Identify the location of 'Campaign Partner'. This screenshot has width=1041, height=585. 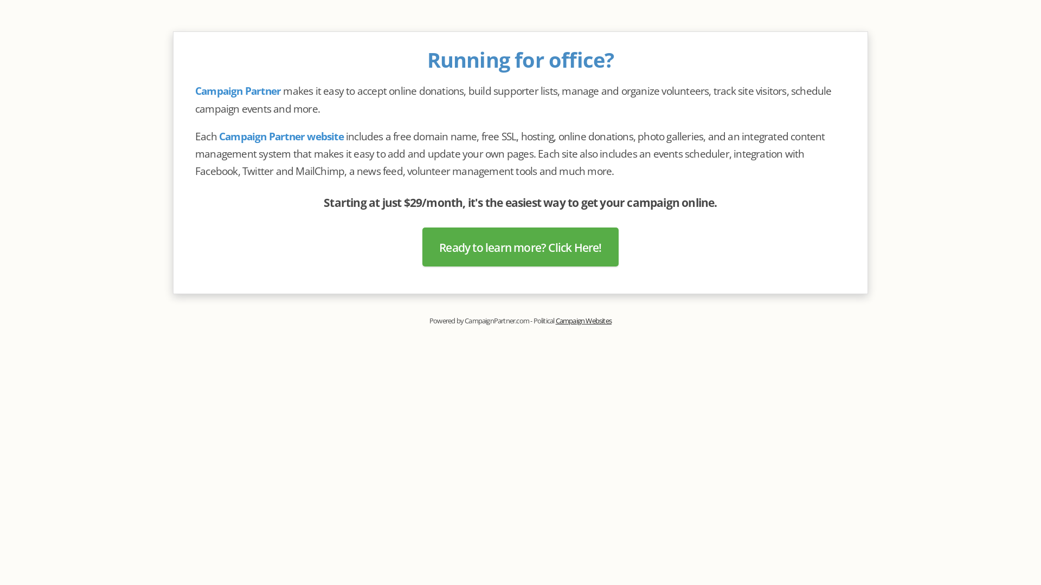
(195, 90).